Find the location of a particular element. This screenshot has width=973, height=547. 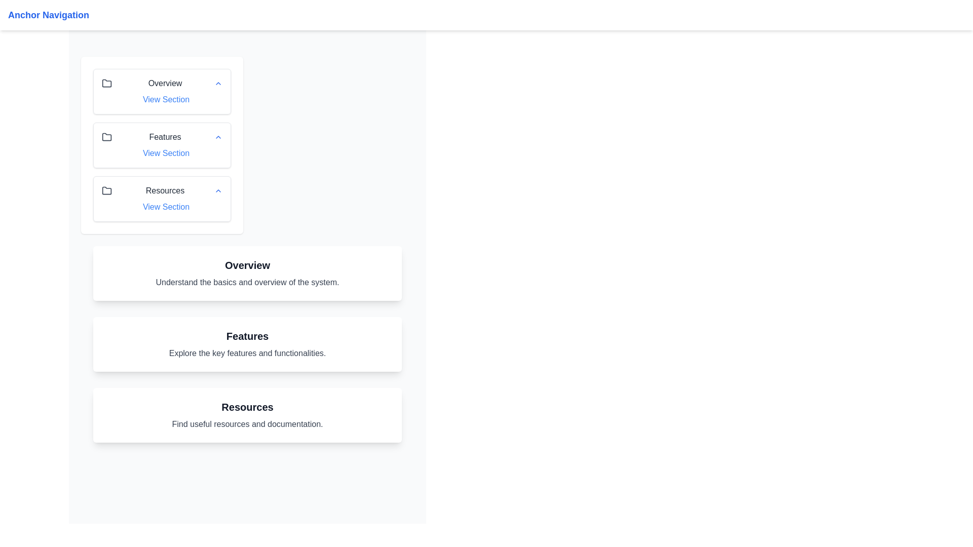

the section title text located beneath the header 'Overview', which serves as a label for the related content is located at coordinates (247, 336).